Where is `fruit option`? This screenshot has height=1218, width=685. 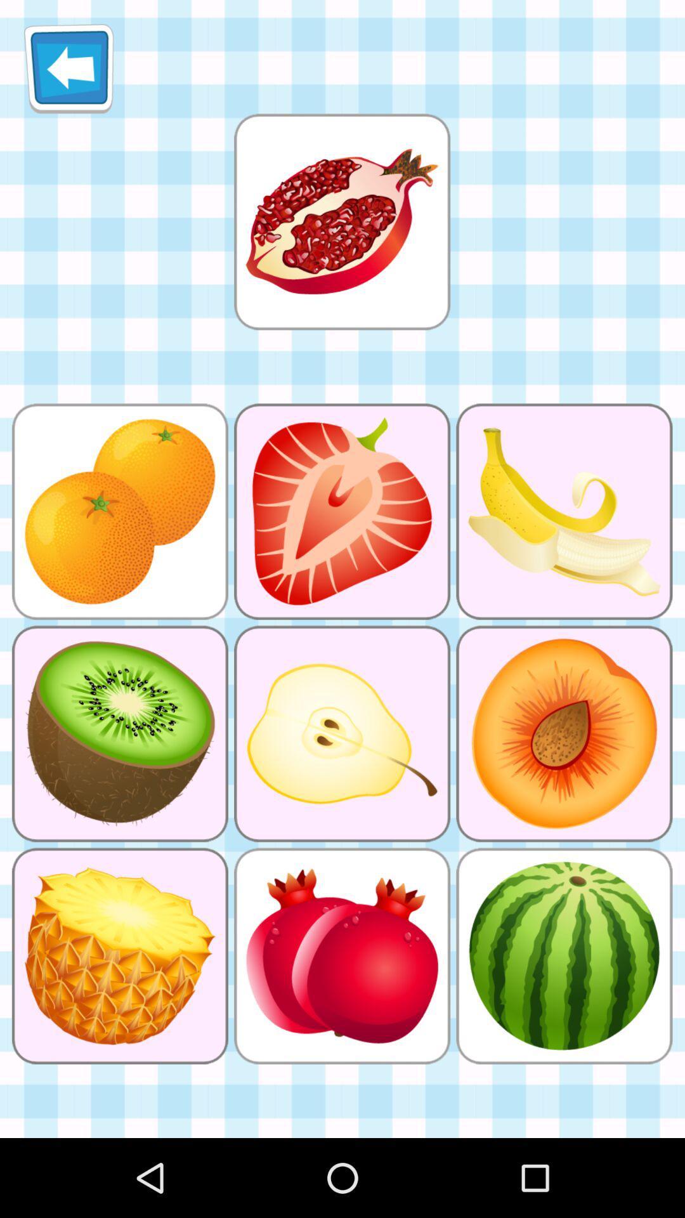 fruit option is located at coordinates (341, 221).